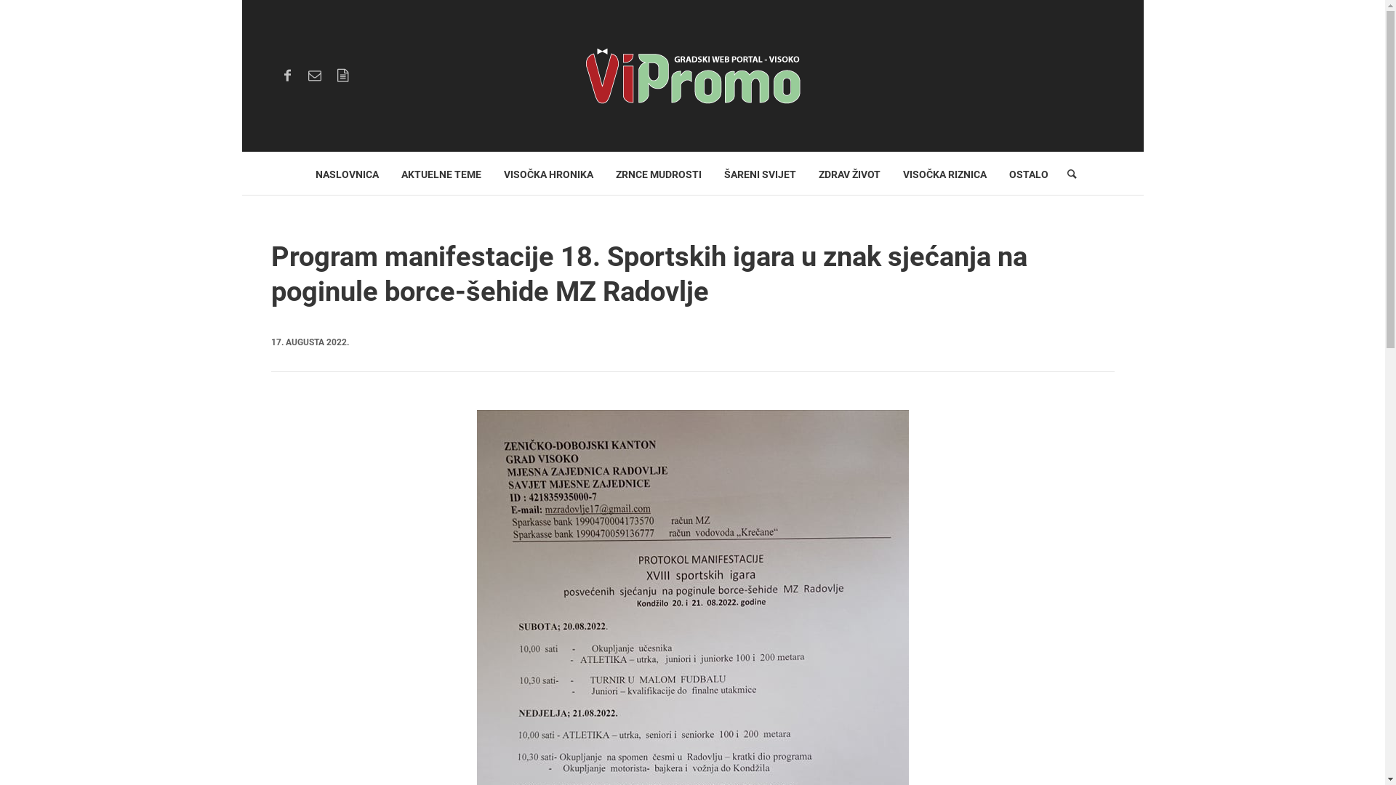 The height and width of the screenshot is (785, 1396). Describe the element at coordinates (346, 172) in the screenshot. I see `'NASLOVNICA'` at that location.